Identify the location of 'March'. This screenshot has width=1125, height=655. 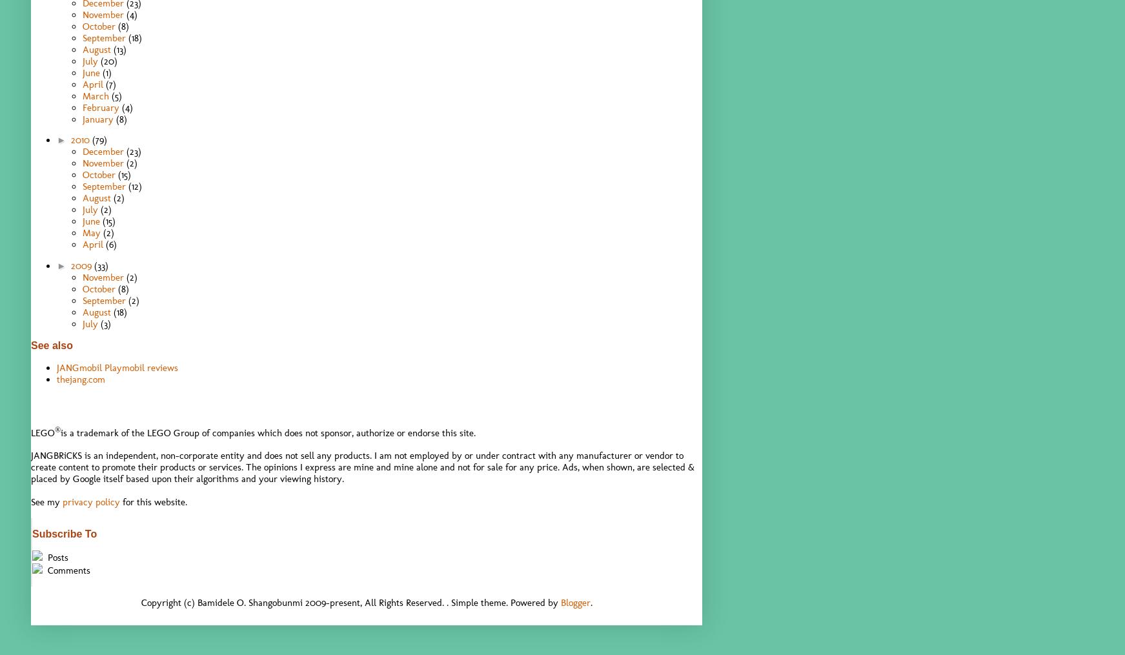
(97, 94).